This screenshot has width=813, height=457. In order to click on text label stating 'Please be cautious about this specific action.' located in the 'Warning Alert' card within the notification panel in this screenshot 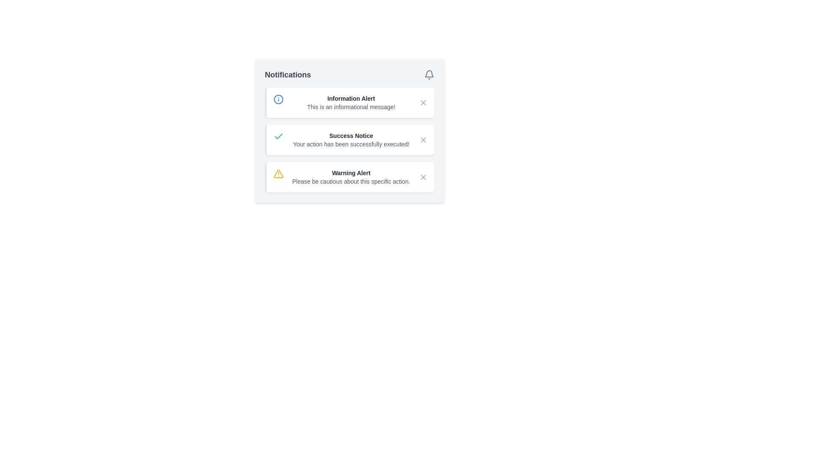, I will do `click(351, 181)`.